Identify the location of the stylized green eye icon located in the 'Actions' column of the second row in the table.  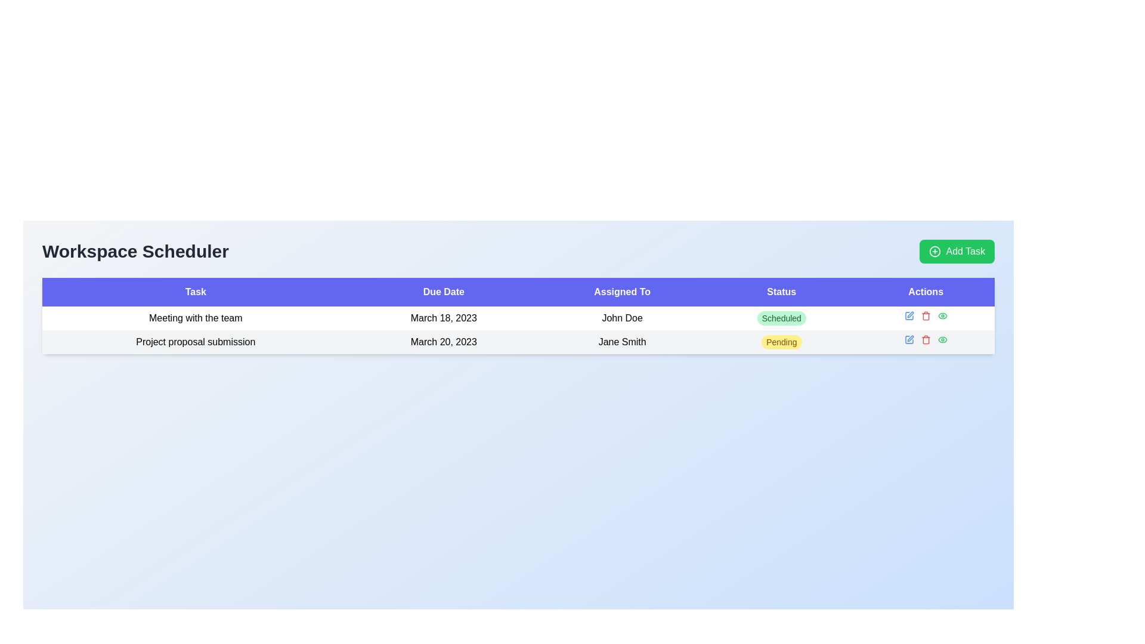
(942, 340).